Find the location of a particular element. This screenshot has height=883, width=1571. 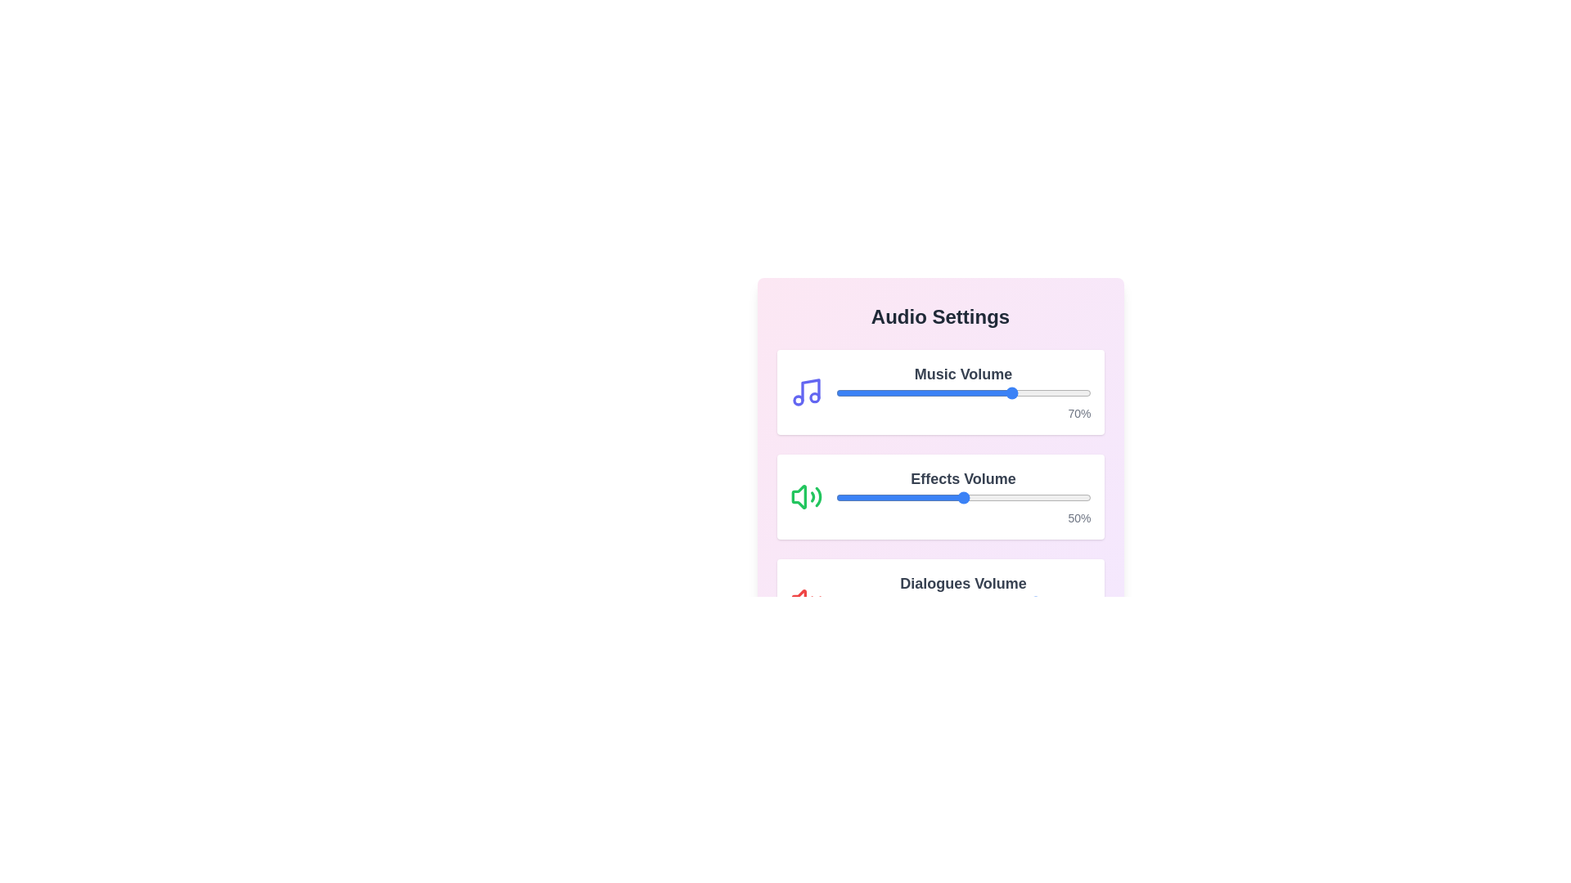

the Dialogues Volume slider to 81% is located at coordinates (1042, 602).